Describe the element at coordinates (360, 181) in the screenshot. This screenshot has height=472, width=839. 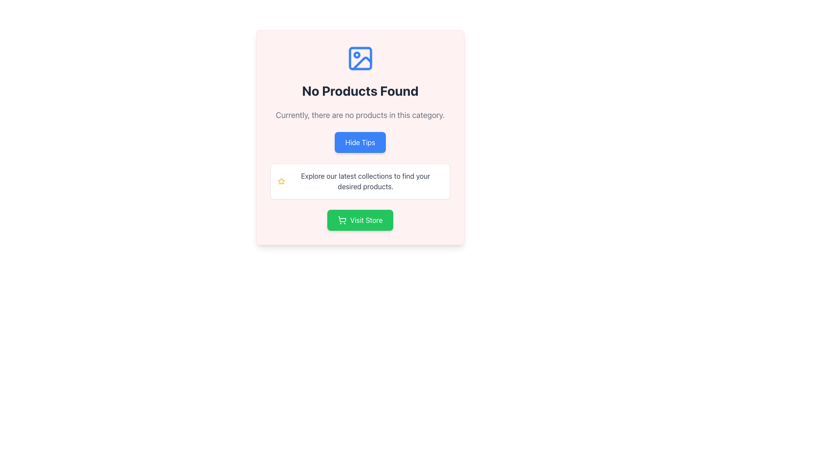
I see `the informational text element containing a yellow star icon and the message 'Explore our latest collections to find your desired products.'` at that location.